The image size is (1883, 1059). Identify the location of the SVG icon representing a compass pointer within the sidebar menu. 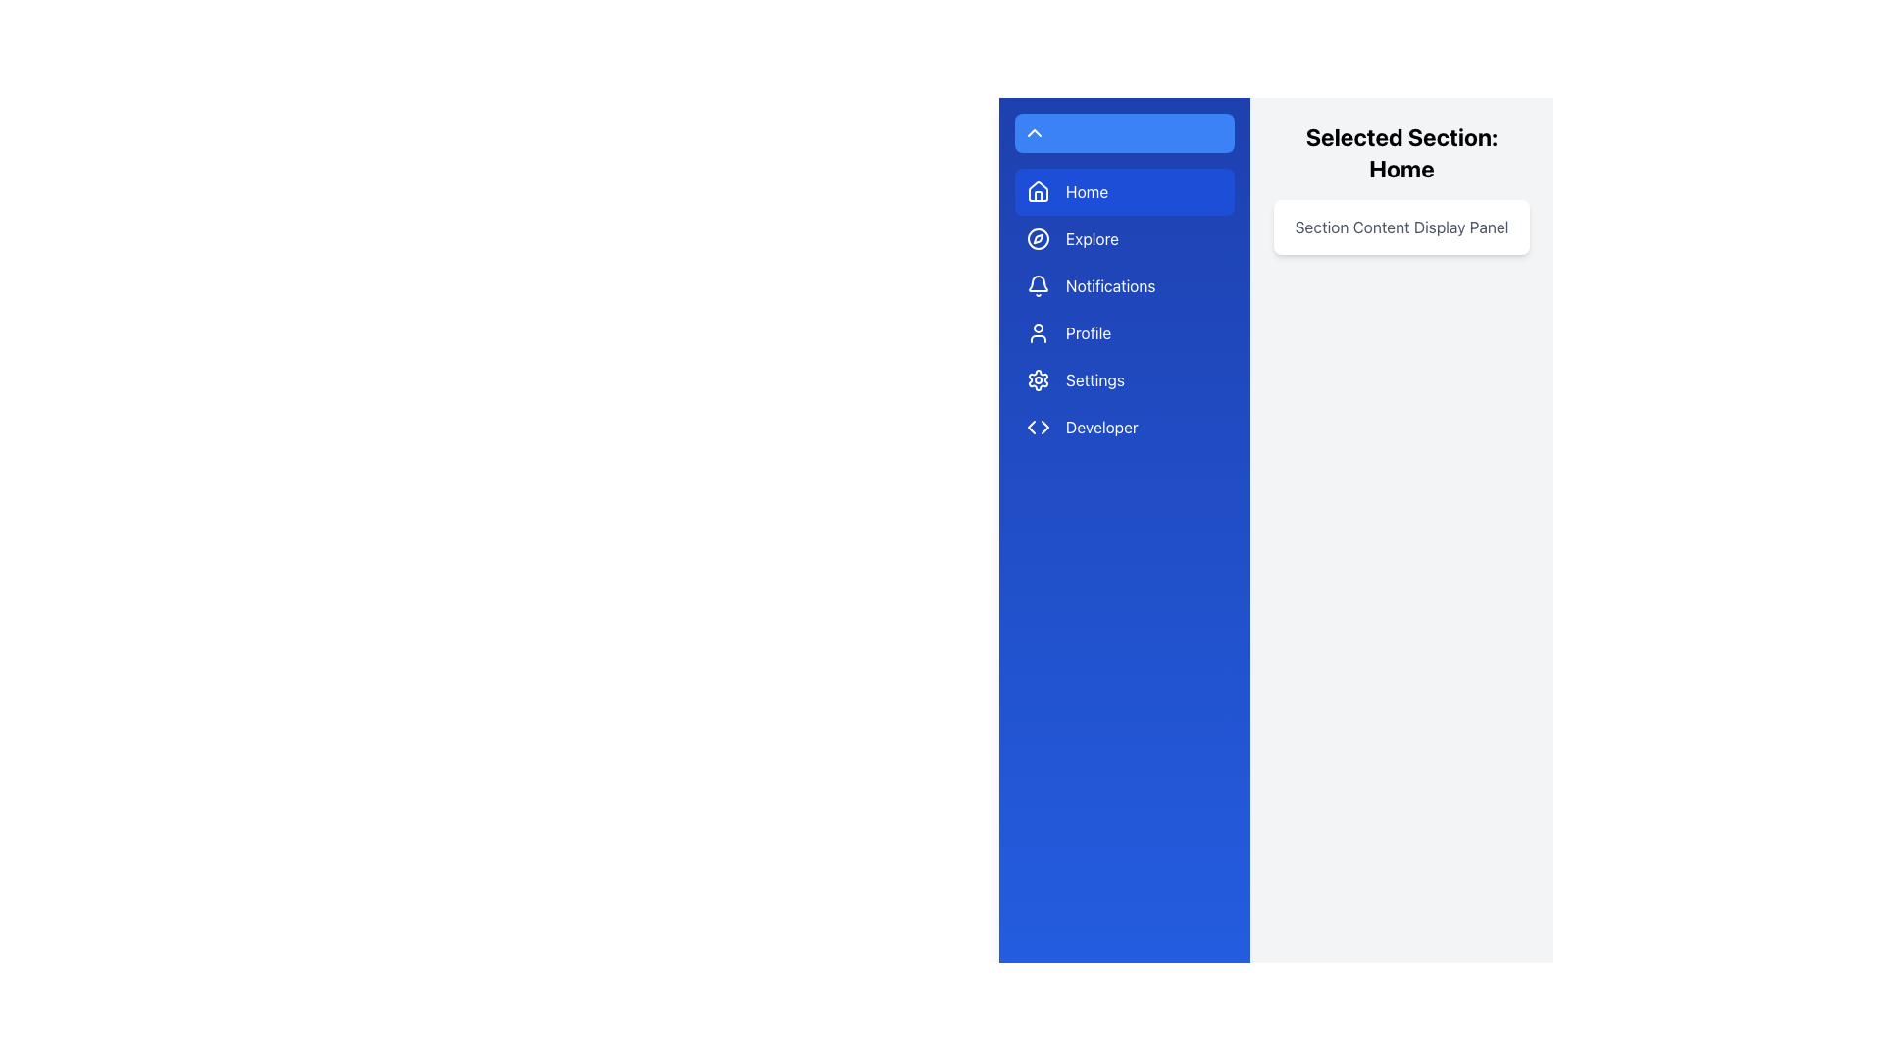
(1038, 237).